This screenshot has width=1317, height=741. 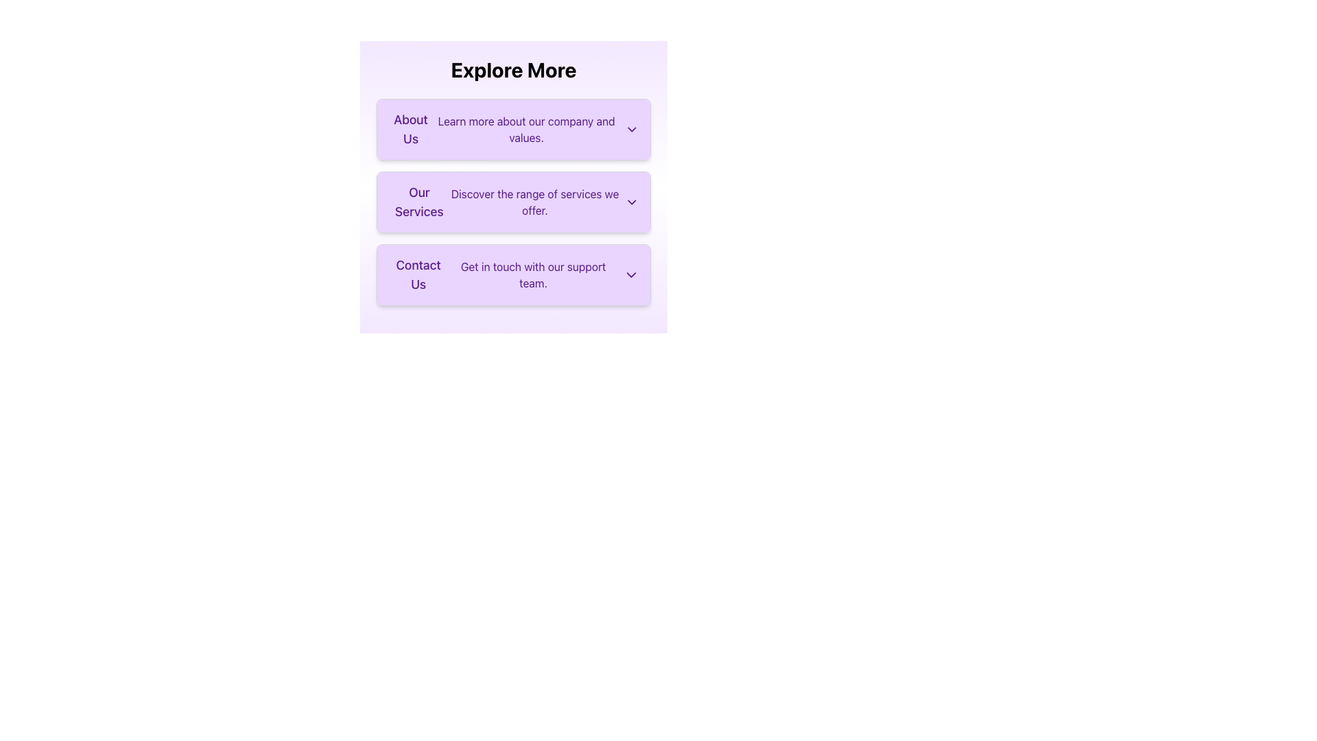 What do you see at coordinates (631, 202) in the screenshot?
I see `the downward-facing chevron icon located in the upper-right corner of the 'Our Services' card` at bounding box center [631, 202].